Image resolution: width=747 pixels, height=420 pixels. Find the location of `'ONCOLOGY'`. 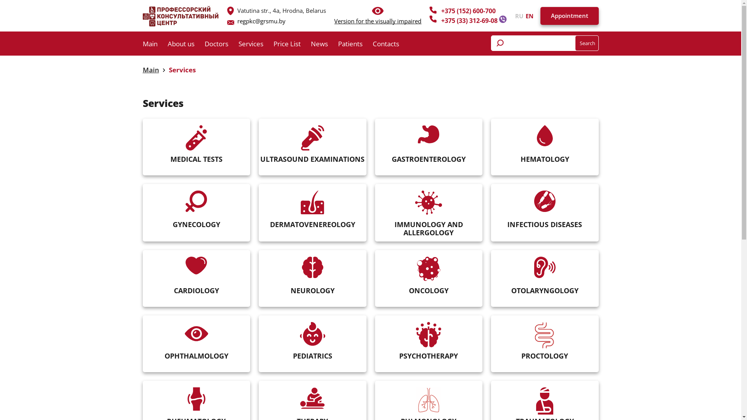

'ONCOLOGY' is located at coordinates (428, 278).